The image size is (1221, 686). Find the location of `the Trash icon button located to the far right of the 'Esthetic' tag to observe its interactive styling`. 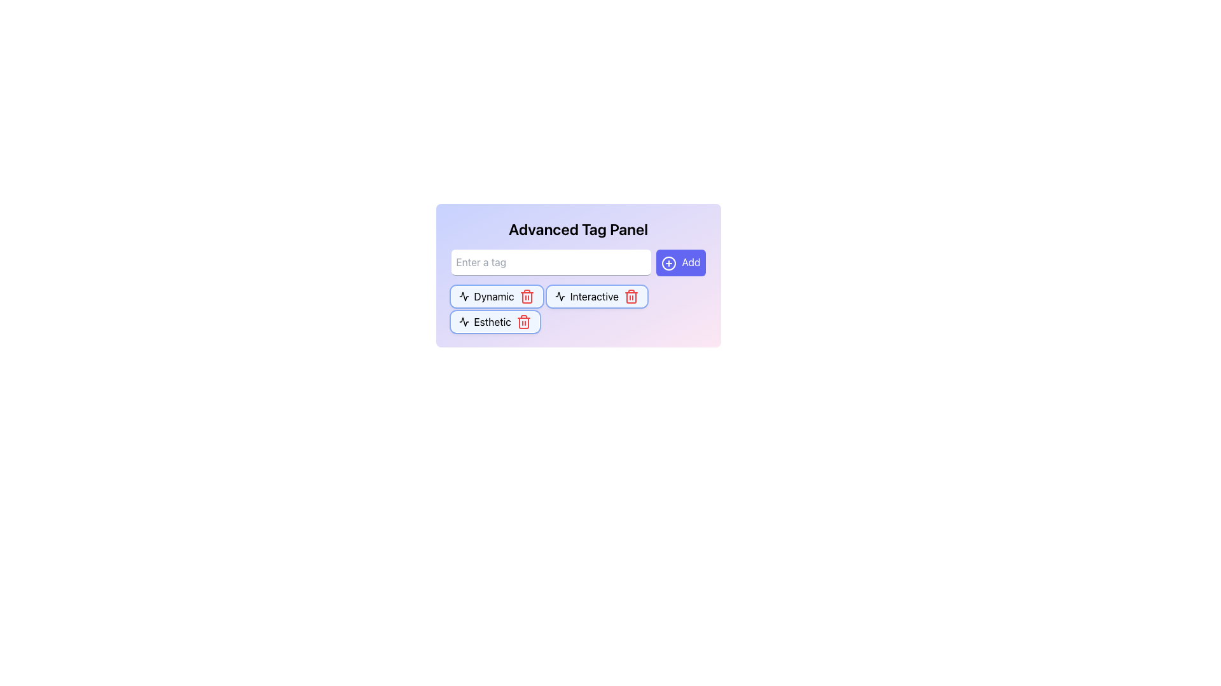

the Trash icon button located to the far right of the 'Esthetic' tag to observe its interactive styling is located at coordinates (523, 321).